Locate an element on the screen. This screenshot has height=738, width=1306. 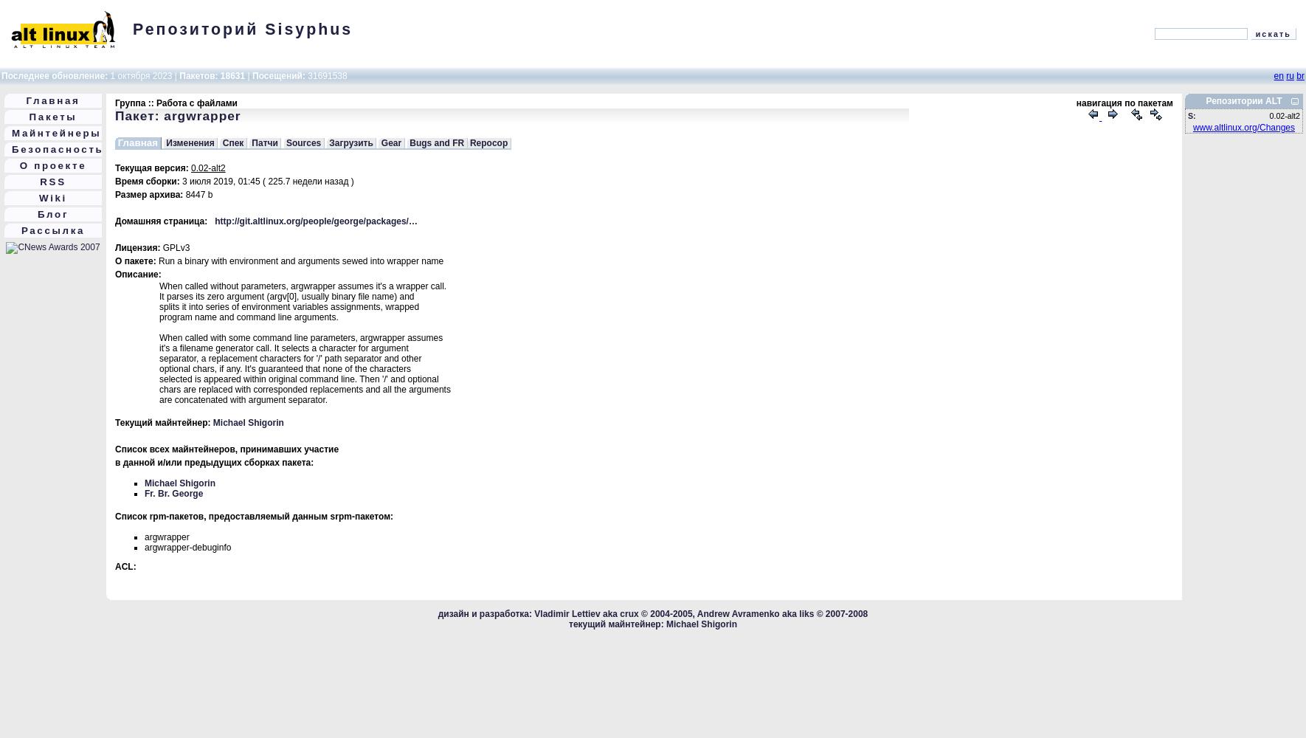
'RSS' is located at coordinates (52, 181).